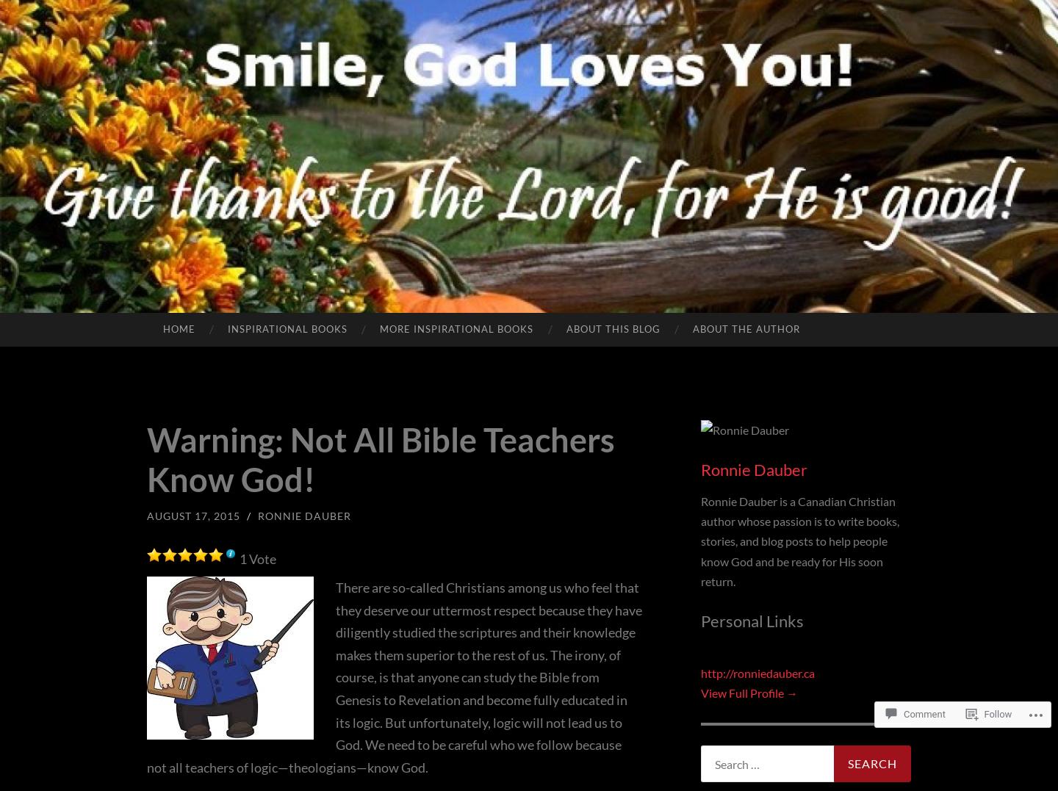 The height and width of the screenshot is (791, 1058). Describe the element at coordinates (757, 671) in the screenshot. I see `'http://ronniedauber.ca'` at that location.